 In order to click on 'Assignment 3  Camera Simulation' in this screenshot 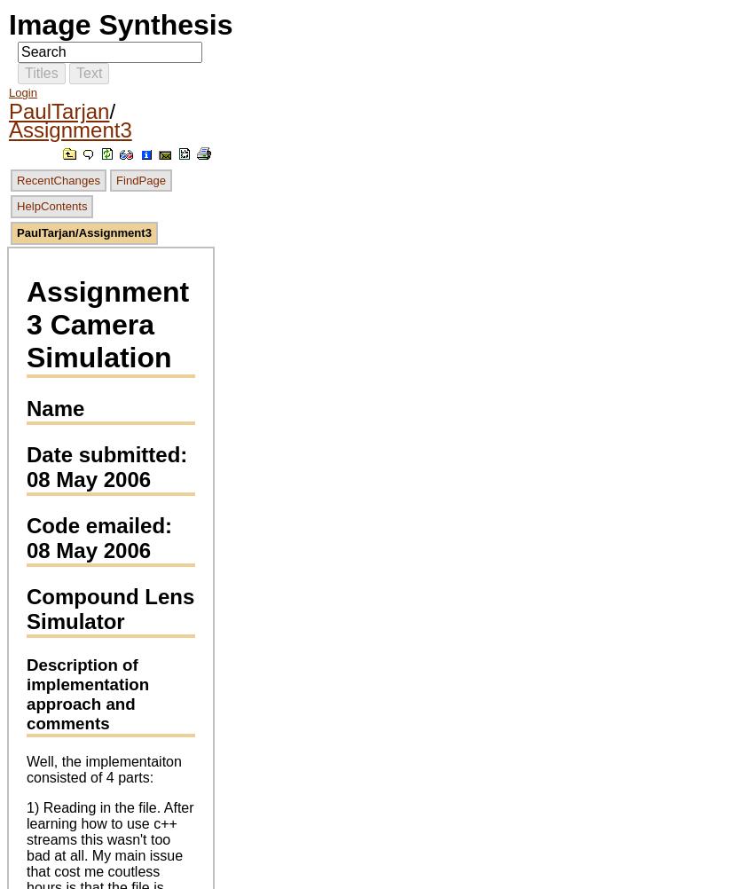, I will do `click(26, 324)`.